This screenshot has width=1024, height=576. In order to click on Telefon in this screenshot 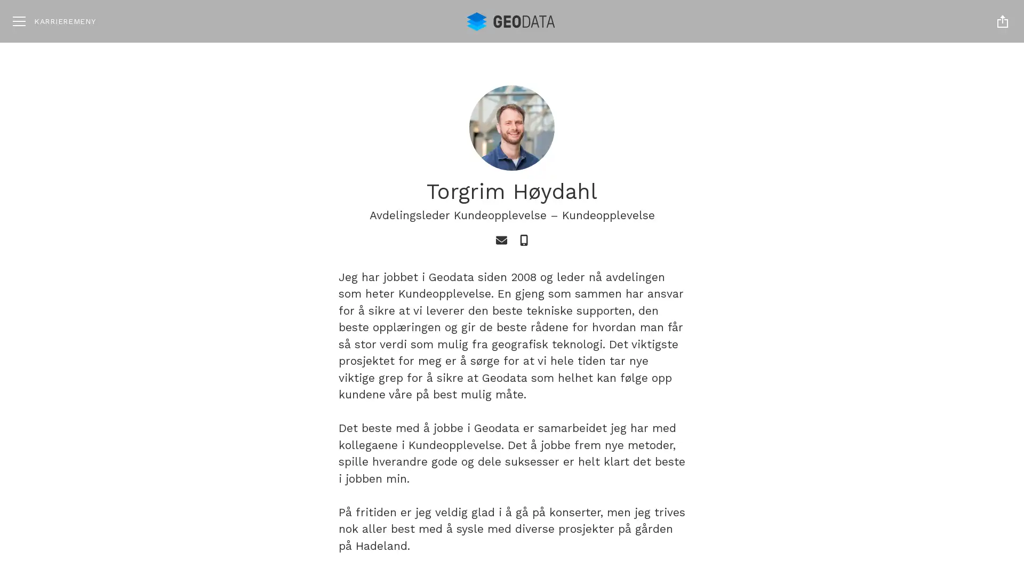, I will do `click(524, 241)`.